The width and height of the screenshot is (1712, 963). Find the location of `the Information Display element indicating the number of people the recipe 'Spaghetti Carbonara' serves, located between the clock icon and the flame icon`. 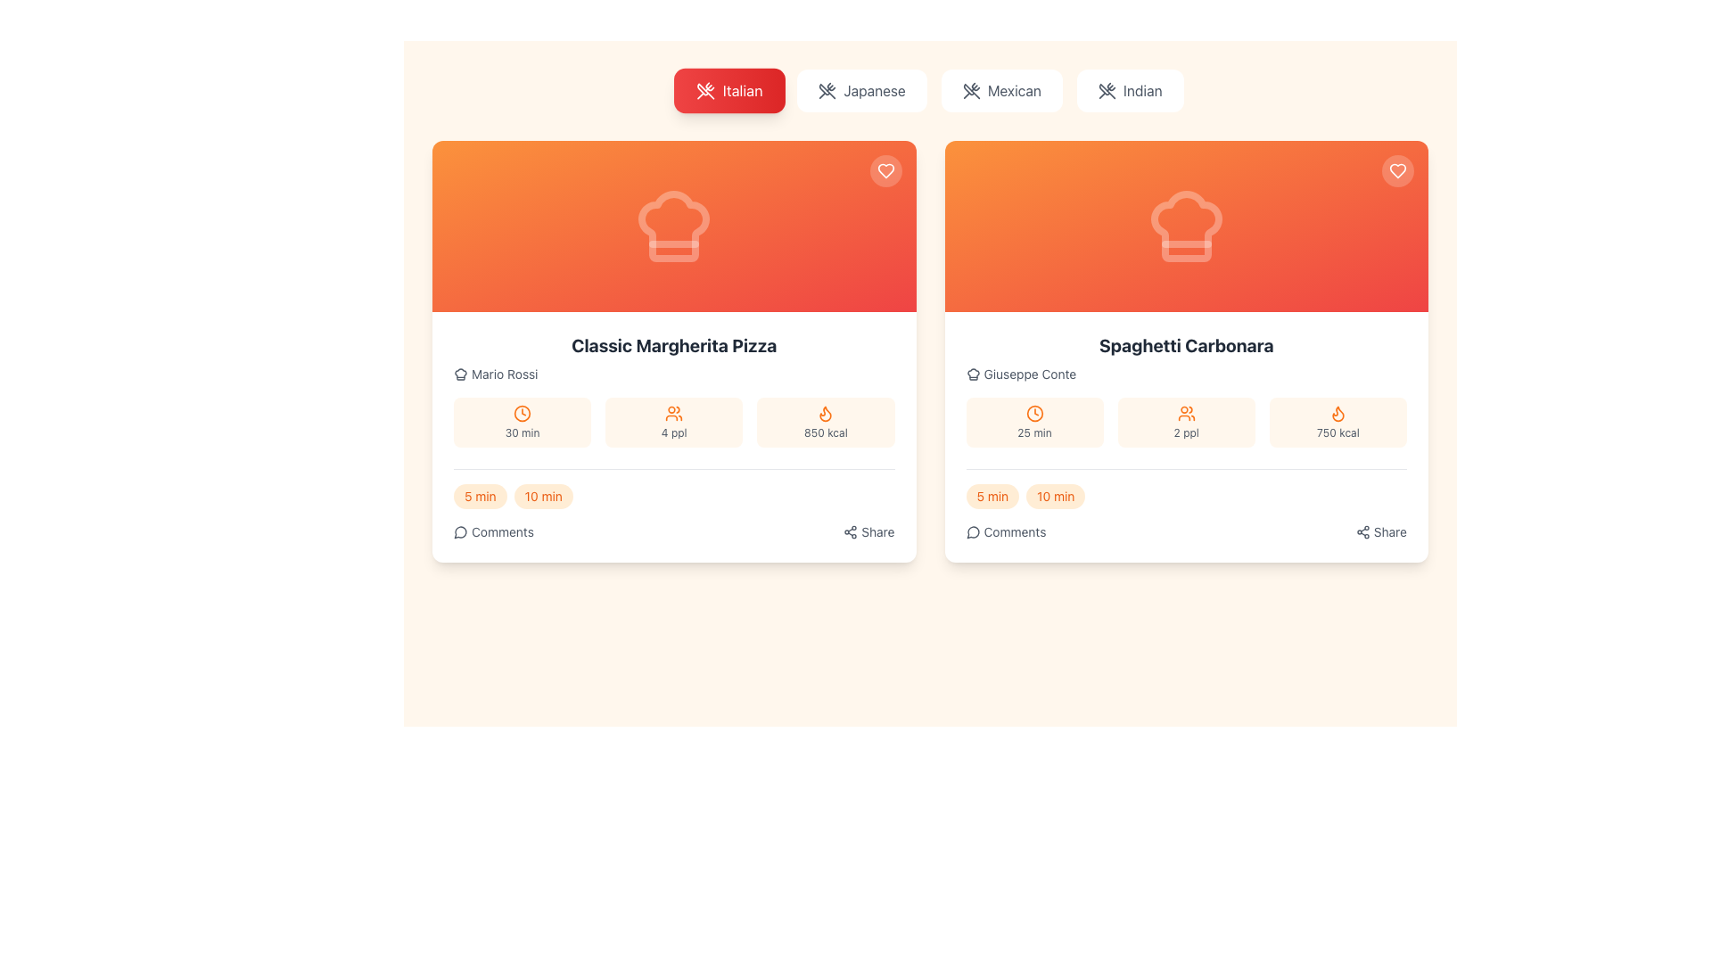

the Information Display element indicating the number of people the recipe 'Spaghetti Carbonara' serves, located between the clock icon and the flame icon is located at coordinates (1186, 423).